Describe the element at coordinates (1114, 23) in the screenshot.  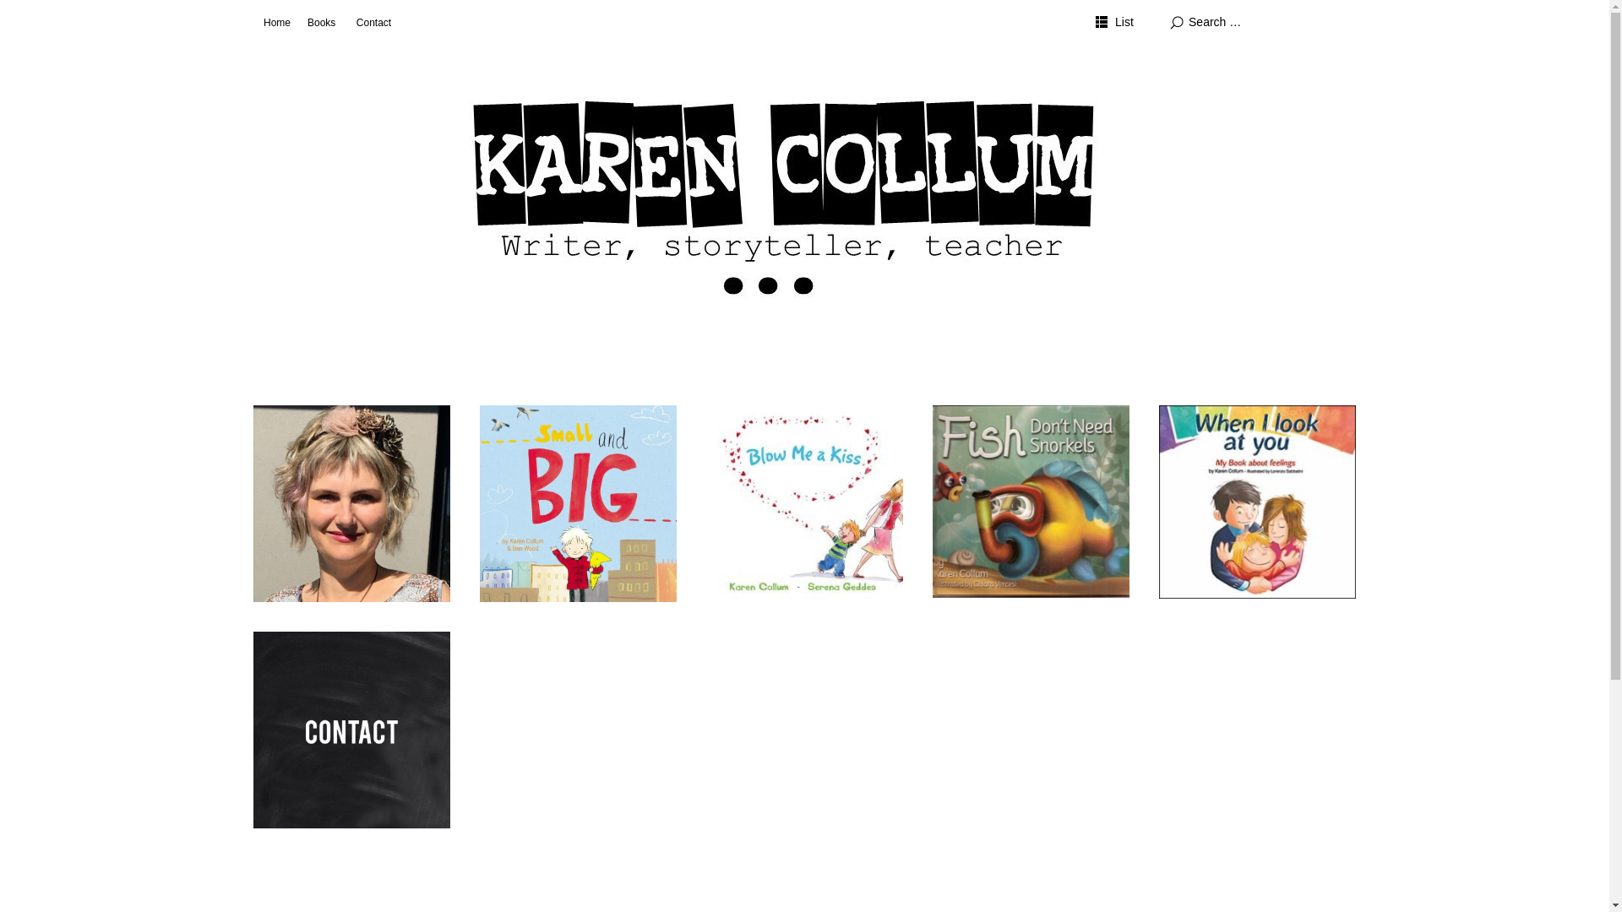
I see `'List'` at that location.